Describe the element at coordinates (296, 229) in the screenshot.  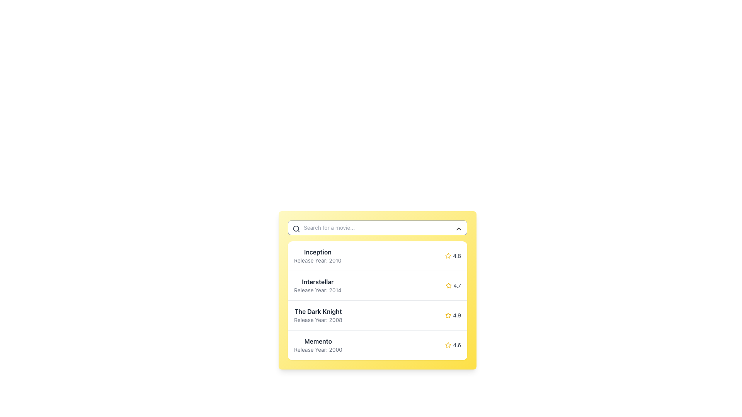
I see `the search icon located at the far left inside the search bar` at that location.